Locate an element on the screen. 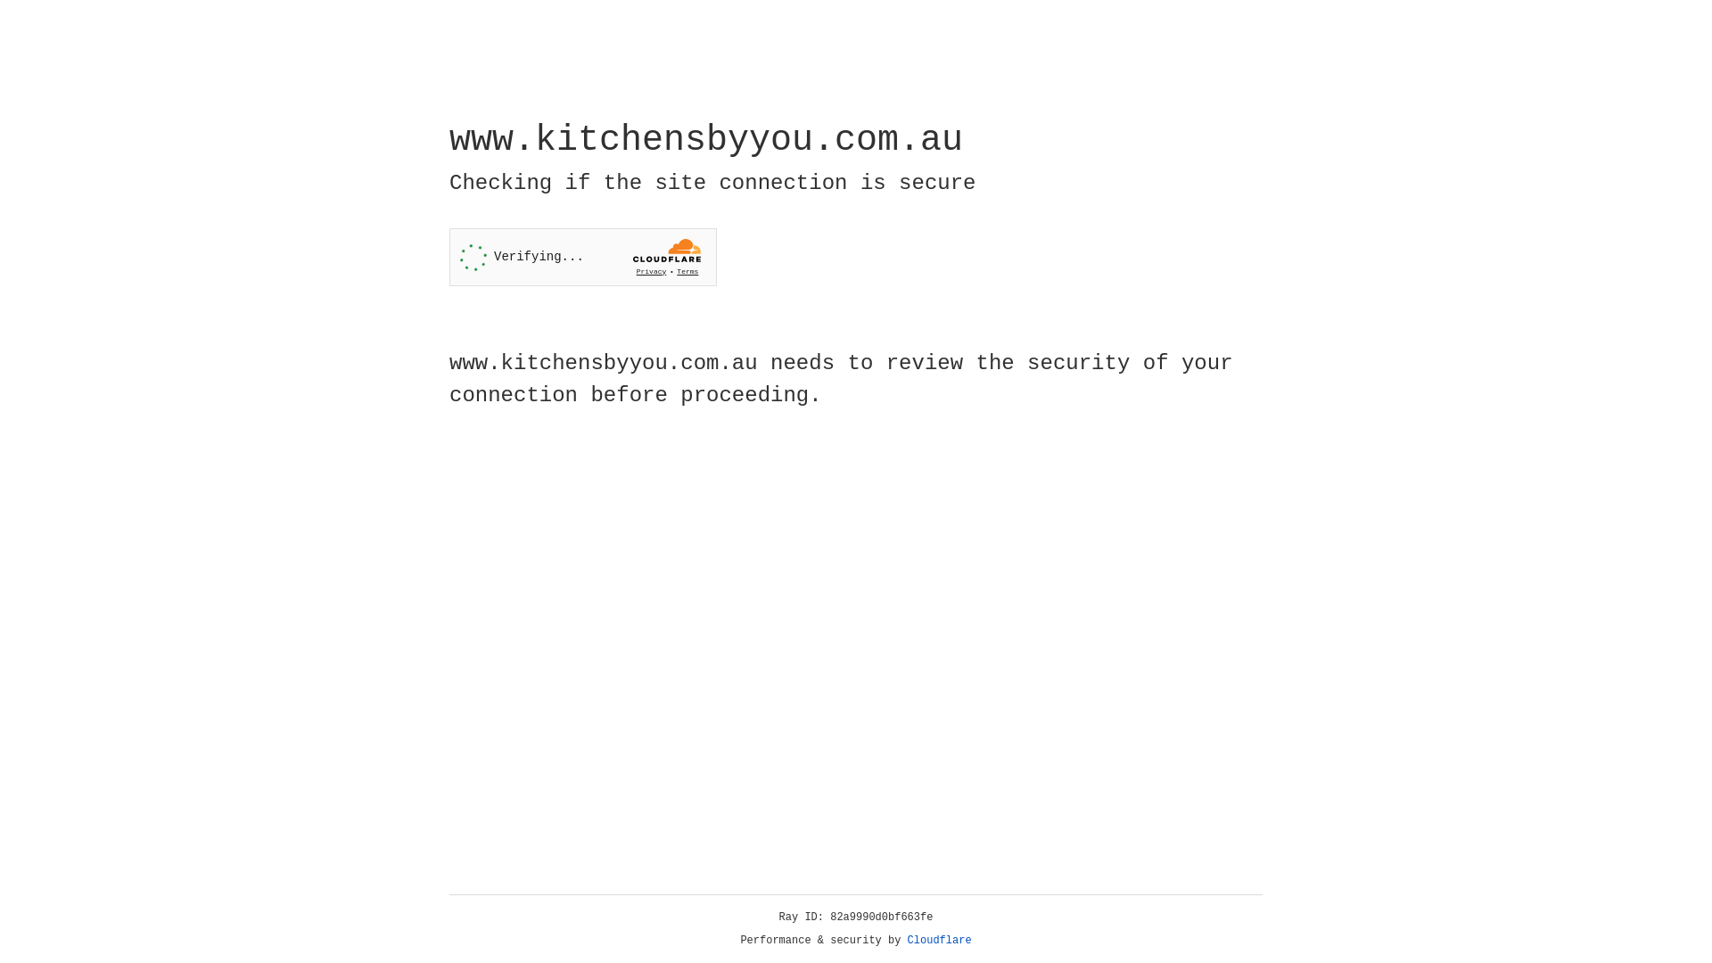 The image size is (1712, 963). 'Cloudflare' is located at coordinates (939, 940).